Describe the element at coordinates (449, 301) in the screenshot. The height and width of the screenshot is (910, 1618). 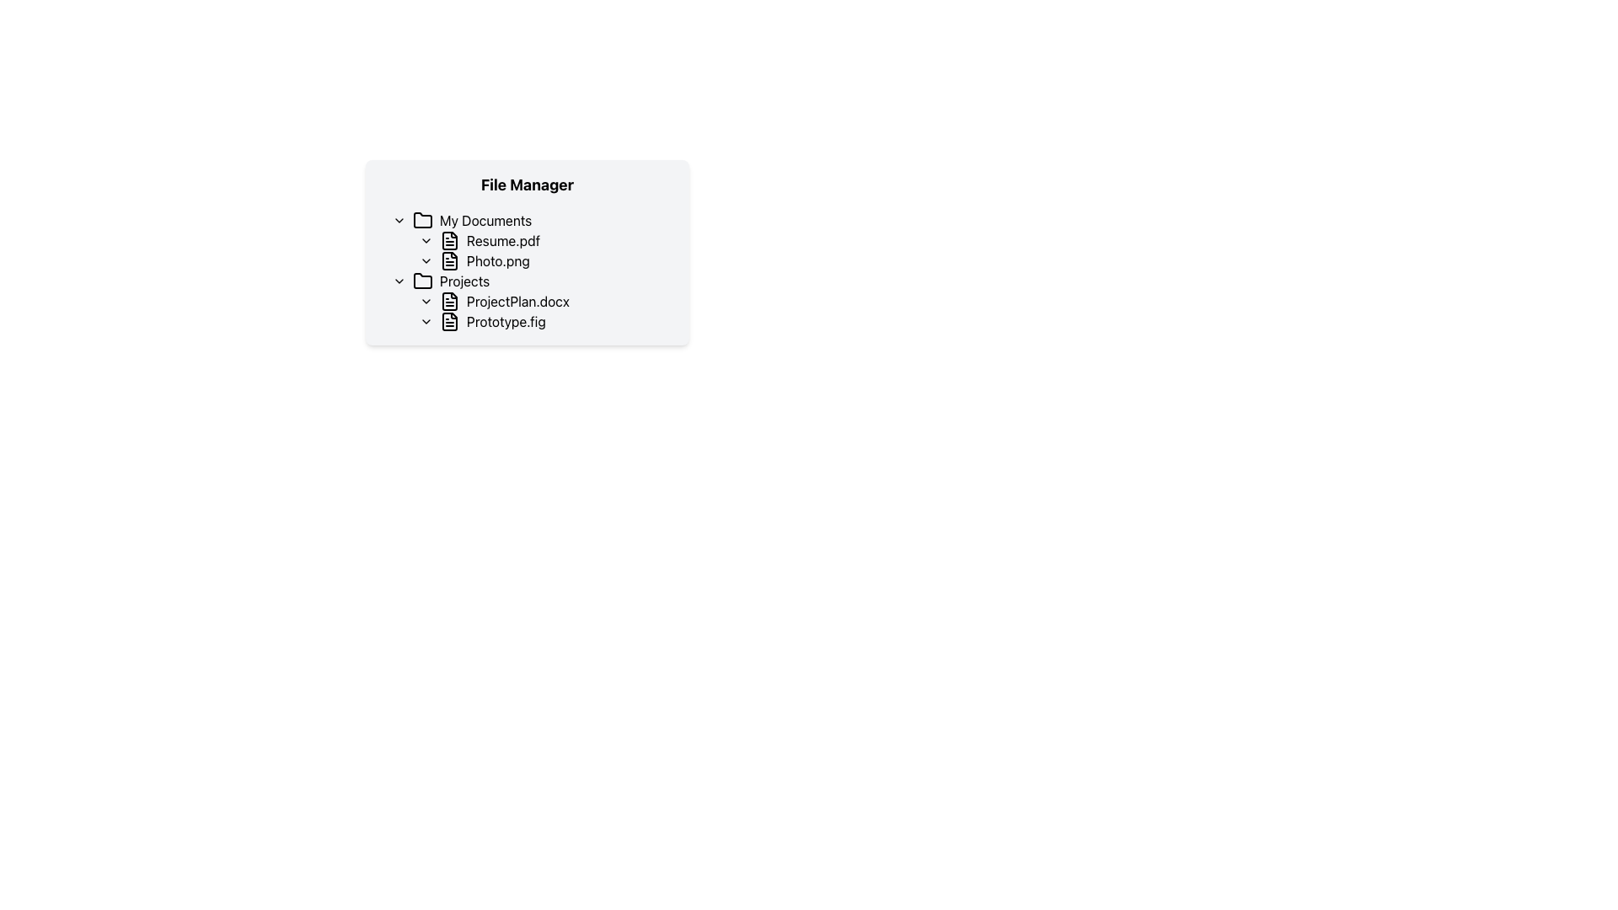
I see `the document icon representing 'ProjectPlan.docx' in the Projects folder to visually indicate its file type` at that location.